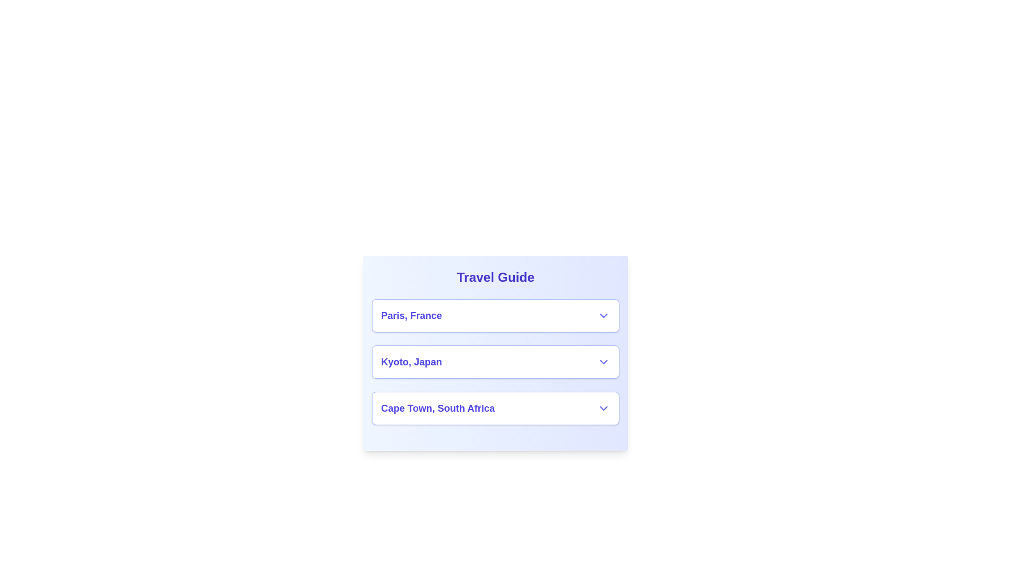 Image resolution: width=1035 pixels, height=582 pixels. Describe the element at coordinates (603, 315) in the screenshot. I see `the downward-facing chevron icon styled with 'lucide lucide-chevron-down w-6 h-6 text-indigo-500'` at that location.